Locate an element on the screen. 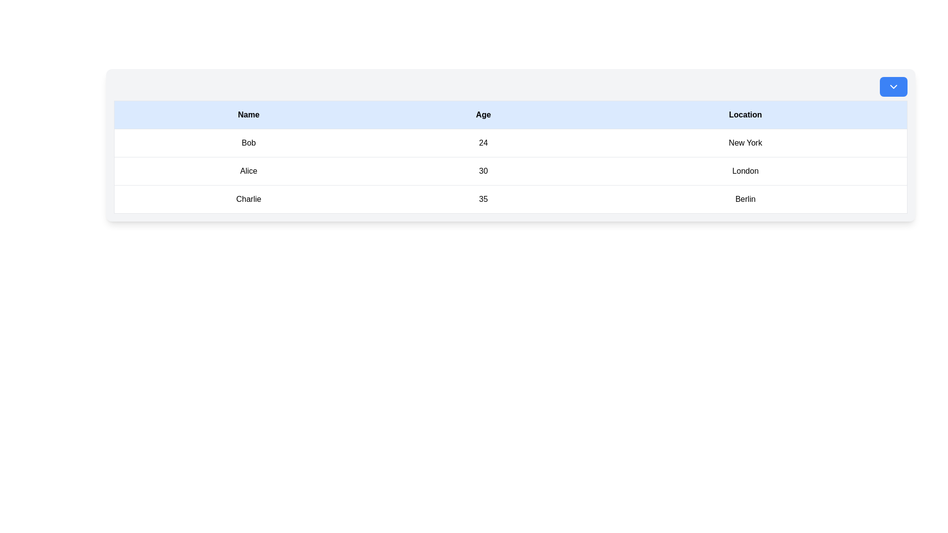 Image resolution: width=948 pixels, height=533 pixels. text displayed in the Text label located in the third column of the row for 'Alice' that shows 'London' is located at coordinates (746, 171).